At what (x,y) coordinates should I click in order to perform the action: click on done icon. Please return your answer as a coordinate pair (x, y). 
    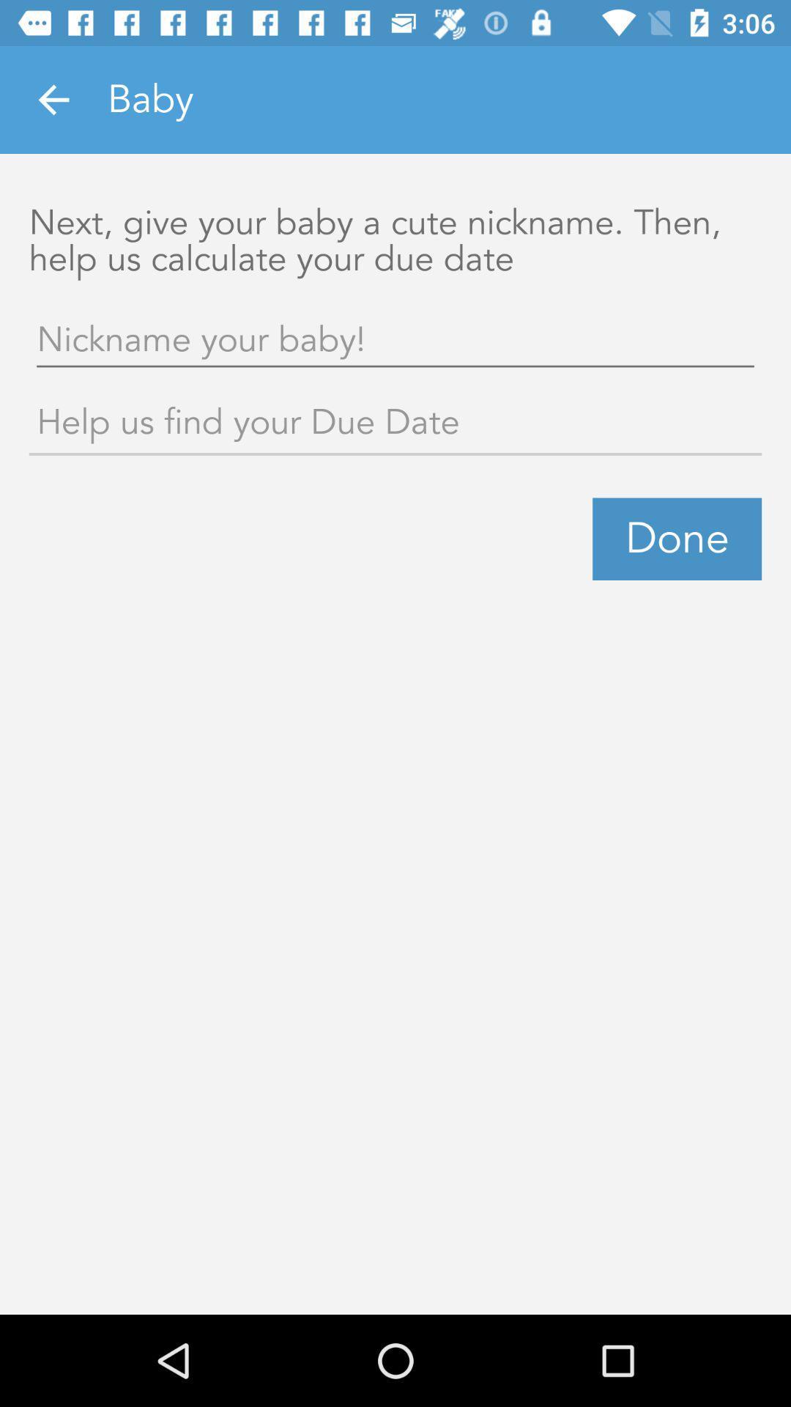
    Looking at the image, I should click on (677, 538).